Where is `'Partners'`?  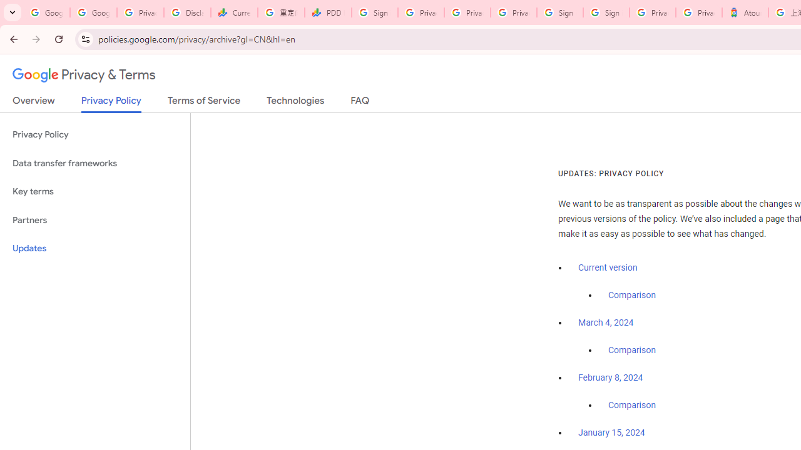 'Partners' is located at coordinates (94, 219).